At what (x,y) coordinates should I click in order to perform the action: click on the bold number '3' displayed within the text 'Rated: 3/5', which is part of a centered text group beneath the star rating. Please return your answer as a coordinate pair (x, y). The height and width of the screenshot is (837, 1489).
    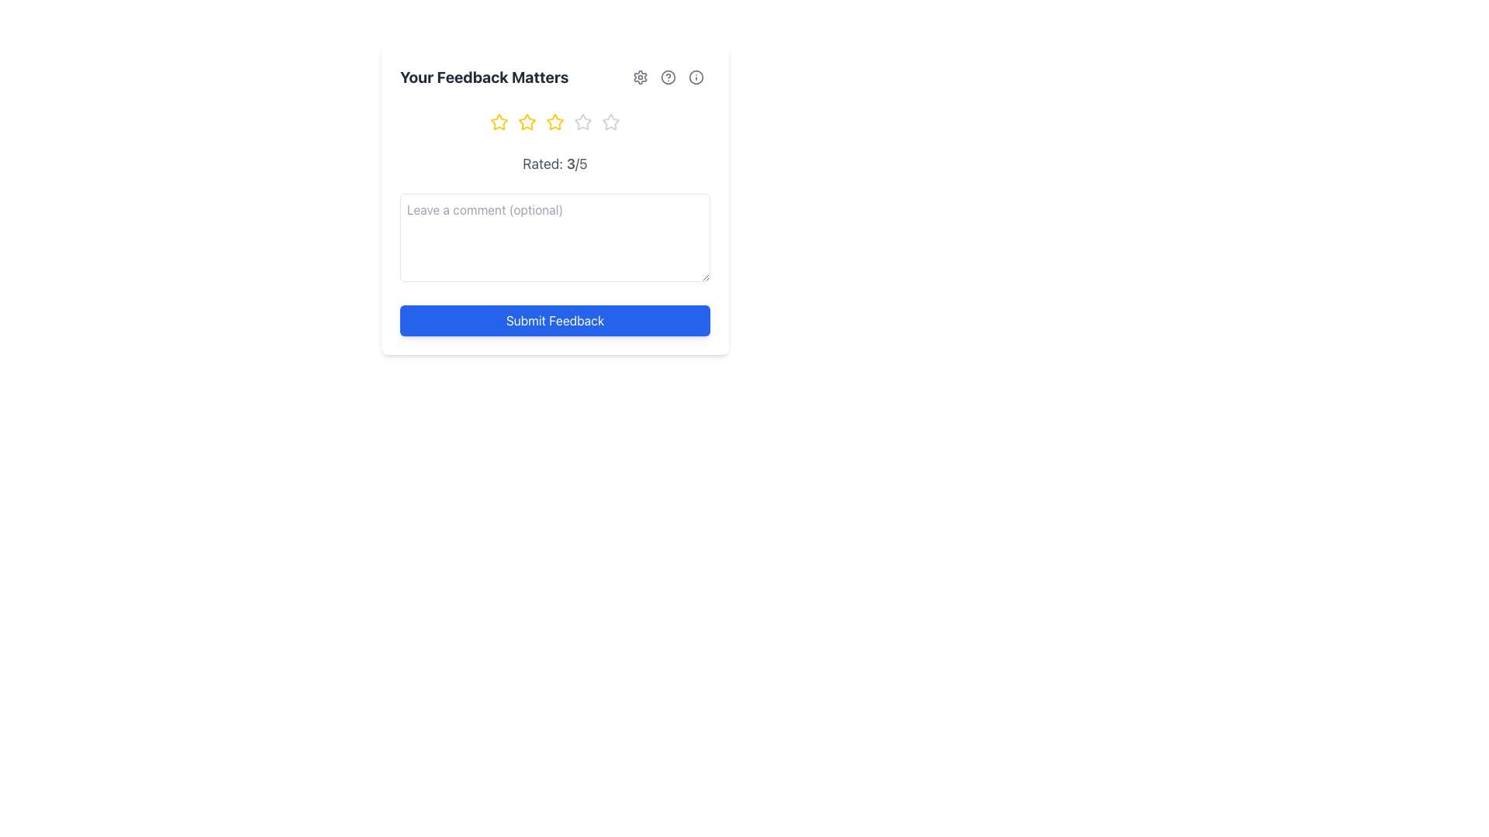
    Looking at the image, I should click on (570, 164).